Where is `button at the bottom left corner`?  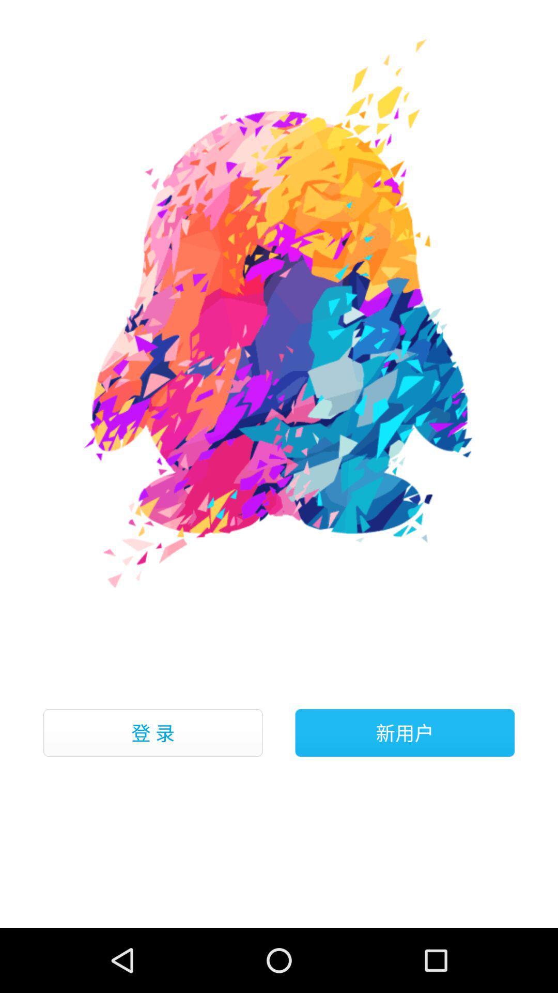 button at the bottom left corner is located at coordinates (153, 732).